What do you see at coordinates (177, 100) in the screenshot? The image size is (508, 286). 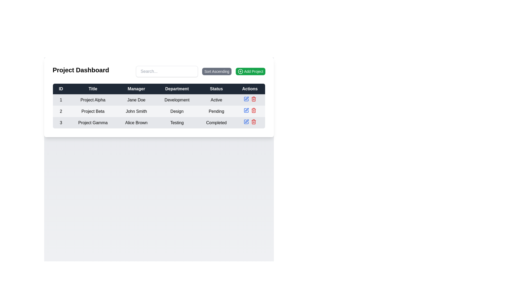 I see `the 'Development' text label in the table under the 'Department' column for the 'Project Alpha' row` at bounding box center [177, 100].